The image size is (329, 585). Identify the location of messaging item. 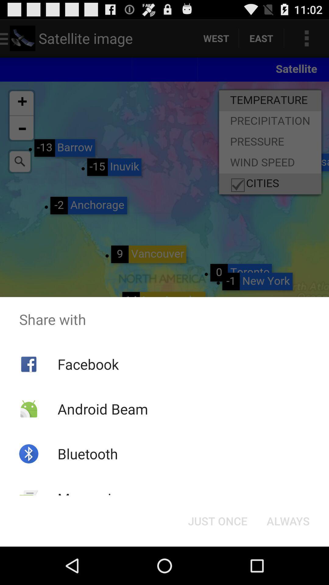
(92, 498).